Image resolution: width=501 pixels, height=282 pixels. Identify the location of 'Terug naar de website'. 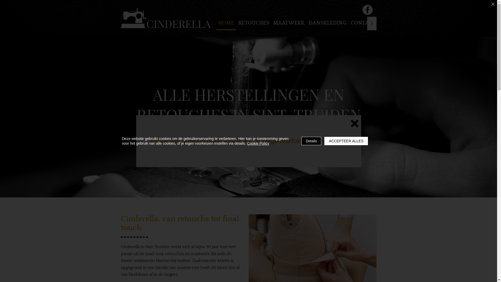
(354, 124).